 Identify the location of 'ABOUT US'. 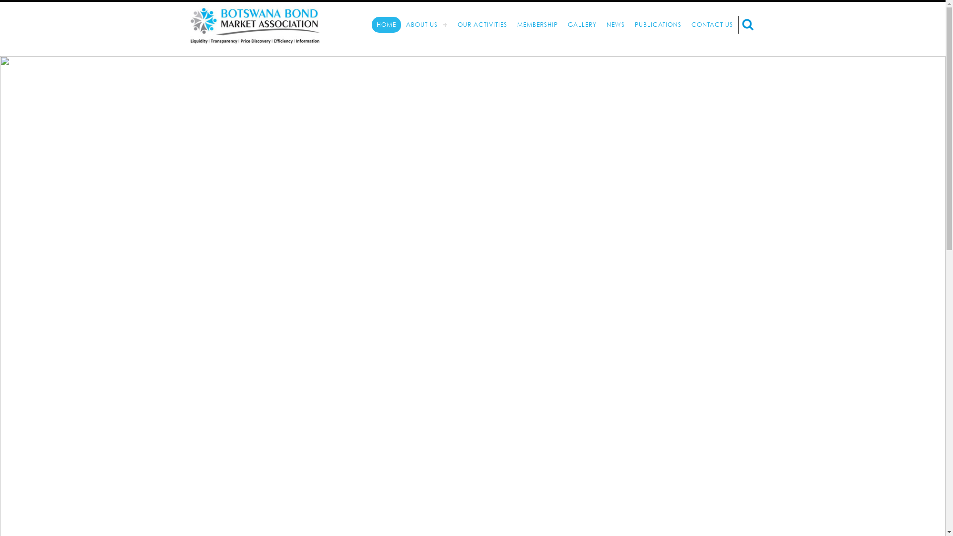
(426, 24).